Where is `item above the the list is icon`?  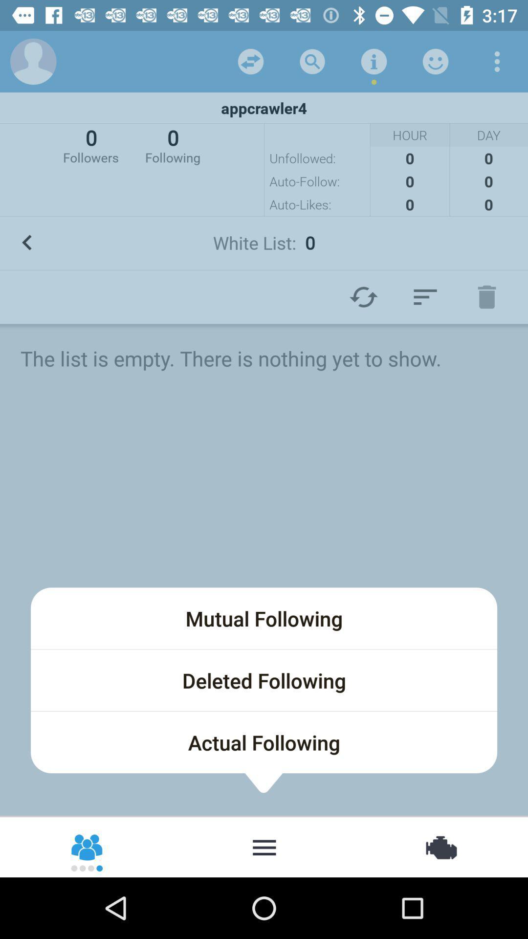 item above the the list is icon is located at coordinates (425, 296).